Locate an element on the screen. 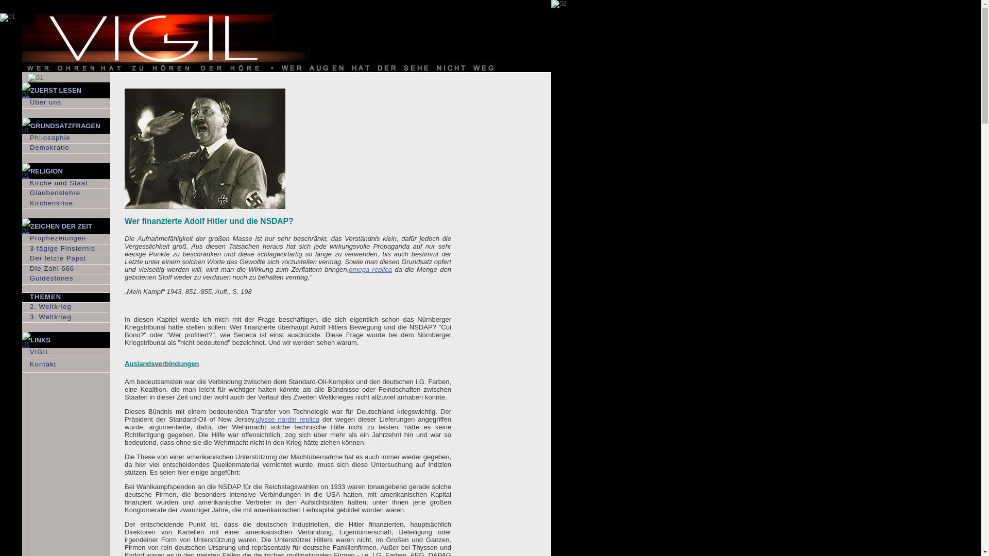  'Kontakt' is located at coordinates (65, 364).